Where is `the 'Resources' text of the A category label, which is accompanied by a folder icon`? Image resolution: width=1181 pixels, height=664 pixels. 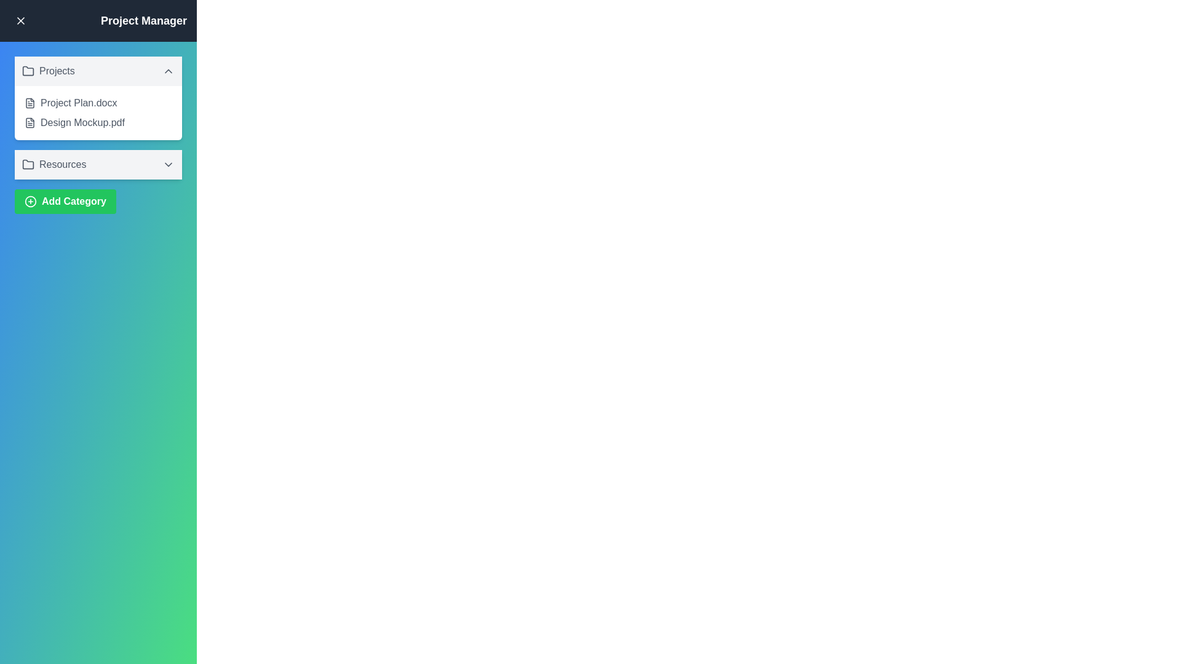
the 'Resources' text of the A category label, which is accompanied by a folder icon is located at coordinates (54, 164).